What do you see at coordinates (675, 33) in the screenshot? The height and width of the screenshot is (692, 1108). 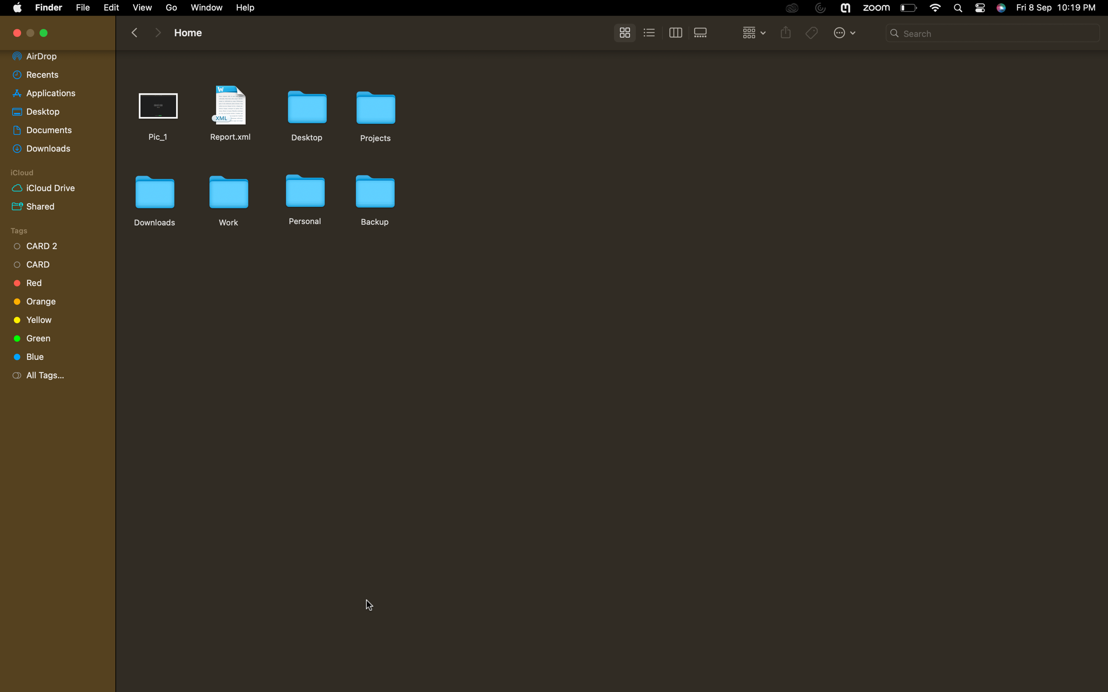 I see `Switch to tab view` at bounding box center [675, 33].